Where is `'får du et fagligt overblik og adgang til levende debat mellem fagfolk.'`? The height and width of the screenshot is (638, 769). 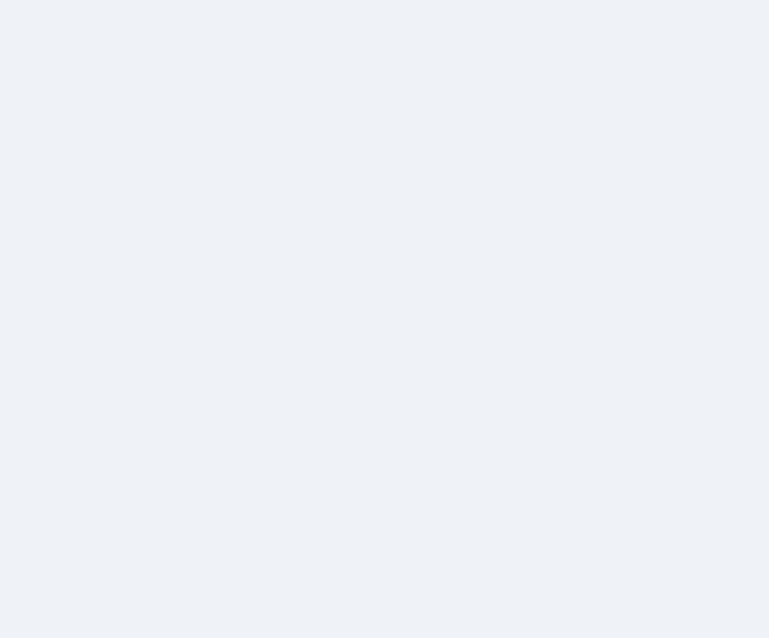 'får du et fagligt overblik og adgang til levende debat mellem fagfolk.' is located at coordinates (240, 480).